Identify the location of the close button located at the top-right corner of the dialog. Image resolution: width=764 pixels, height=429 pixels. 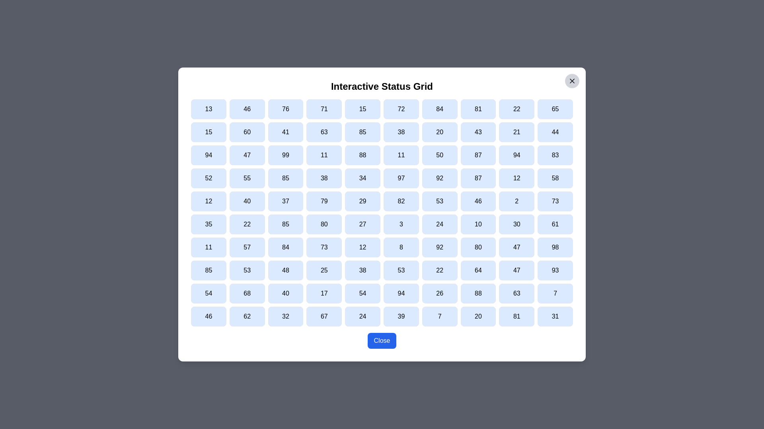
(572, 81).